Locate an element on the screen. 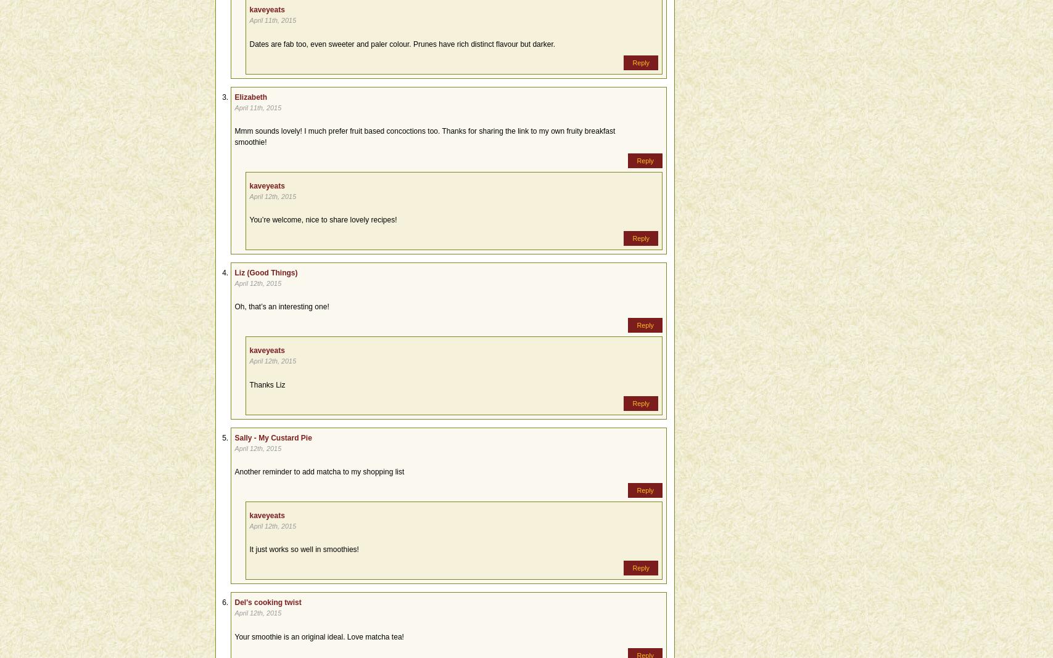 The width and height of the screenshot is (1053, 658). 'Del's cooking twist' is located at coordinates (234, 602).